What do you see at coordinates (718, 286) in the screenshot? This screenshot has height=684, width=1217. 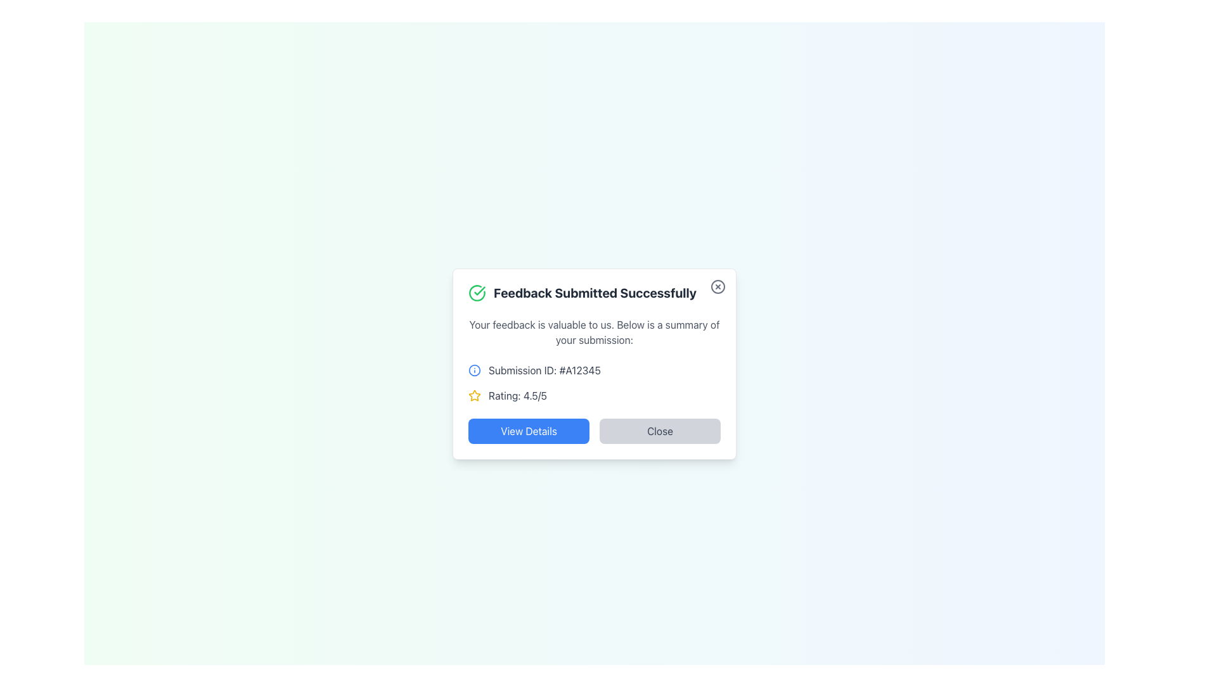 I see `the close button icon for the feedback notification popup located in the top-right corner, which is visually represented by a circular element with a cross mark indicating a close action` at bounding box center [718, 286].